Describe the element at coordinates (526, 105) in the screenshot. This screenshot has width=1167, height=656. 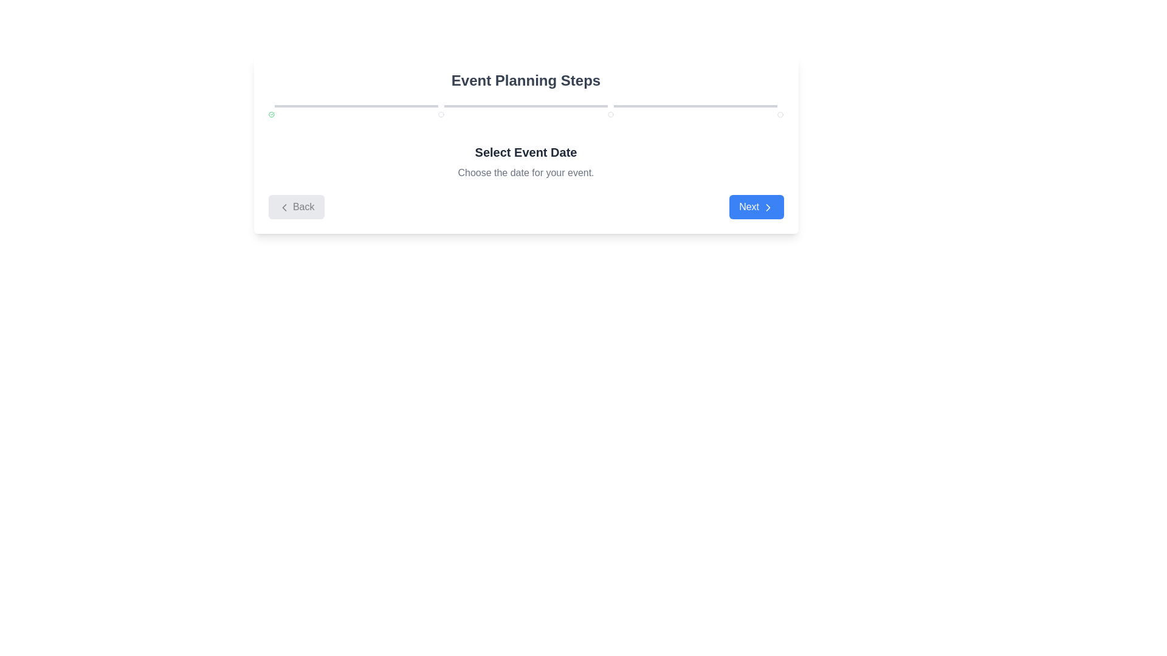
I see `the second segment of the progress indicator, which is a thin rectangular gray line located in the middle of the horizontal progress bar` at that location.